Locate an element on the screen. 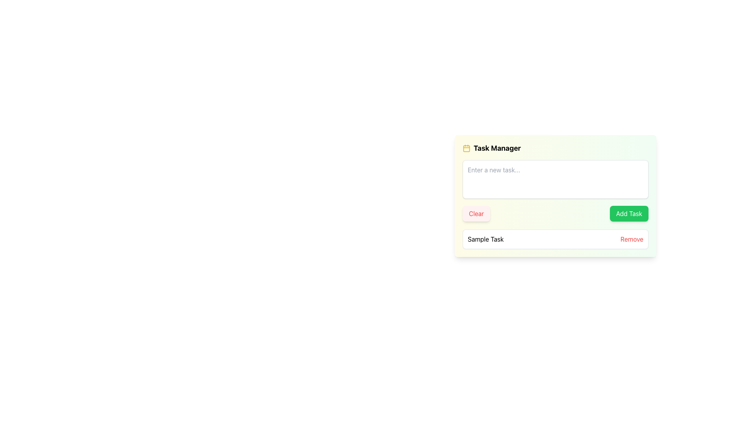 Image resolution: width=756 pixels, height=425 pixels. the 'Add Task' button is located at coordinates (628, 214).